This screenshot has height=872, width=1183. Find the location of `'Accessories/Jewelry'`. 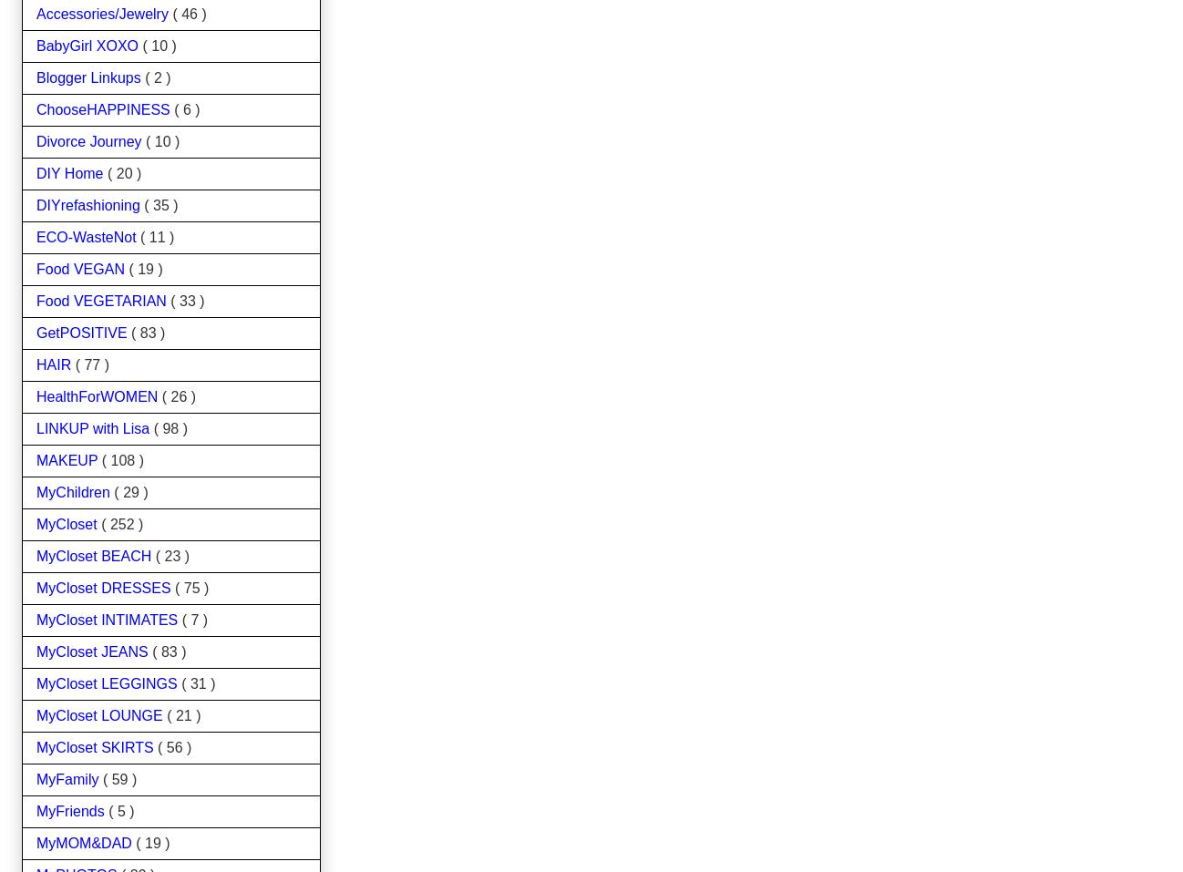

'Accessories/Jewelry' is located at coordinates (104, 12).